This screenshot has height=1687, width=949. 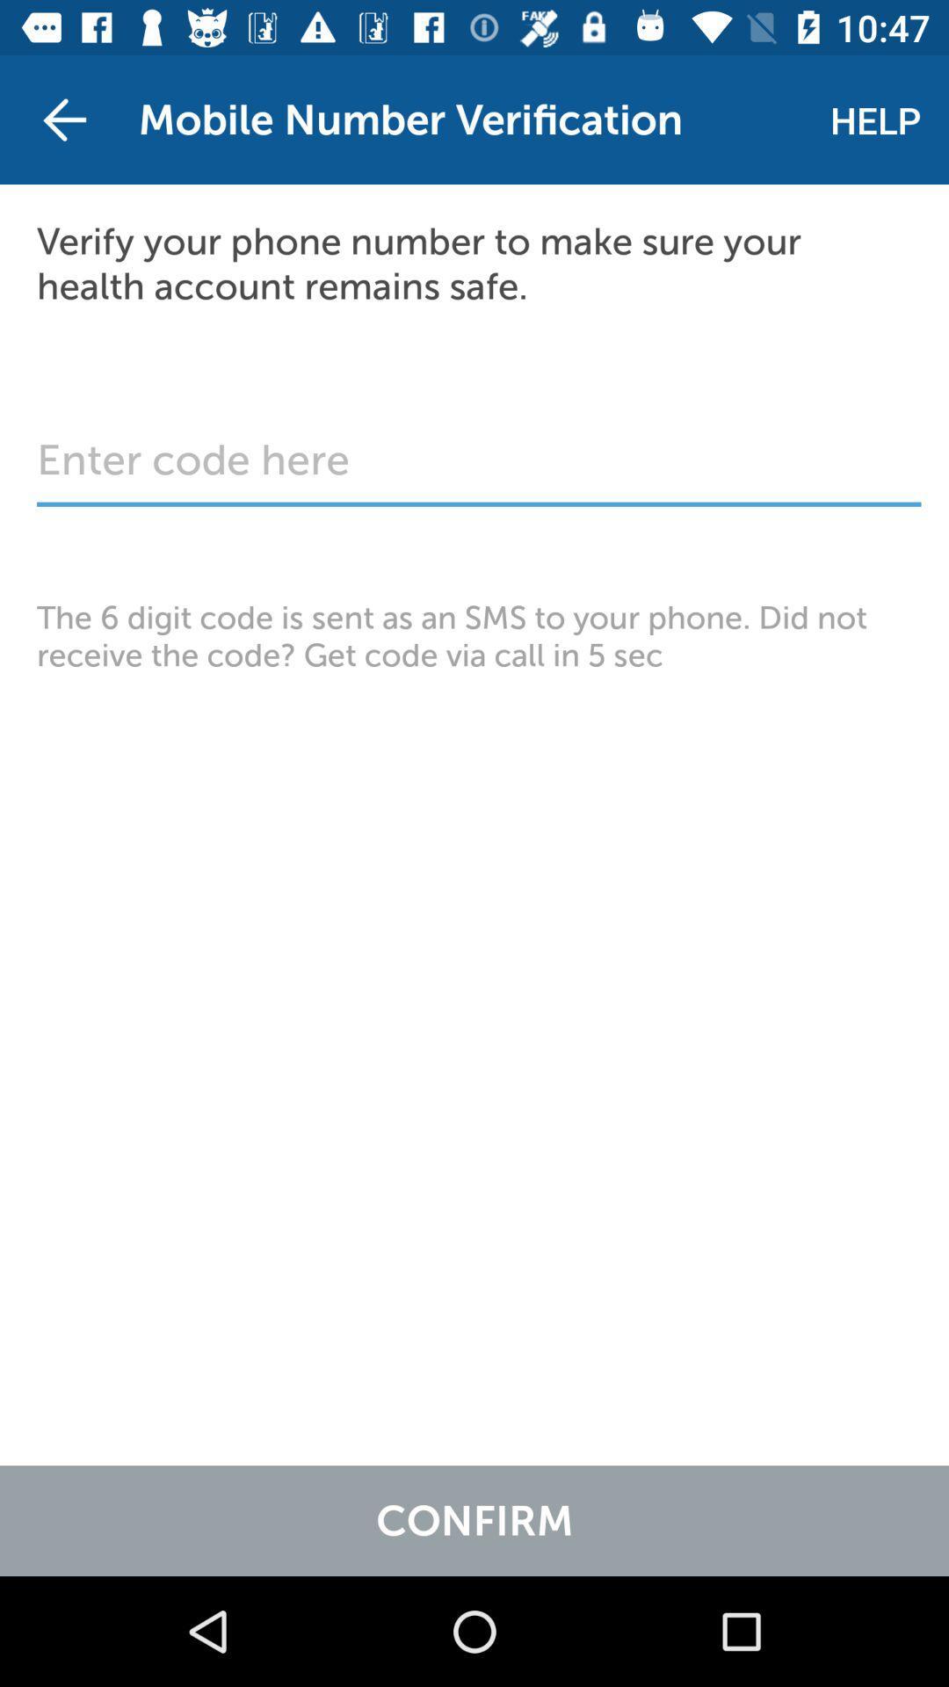 What do you see at coordinates (63, 119) in the screenshot?
I see `item at the top left corner` at bounding box center [63, 119].